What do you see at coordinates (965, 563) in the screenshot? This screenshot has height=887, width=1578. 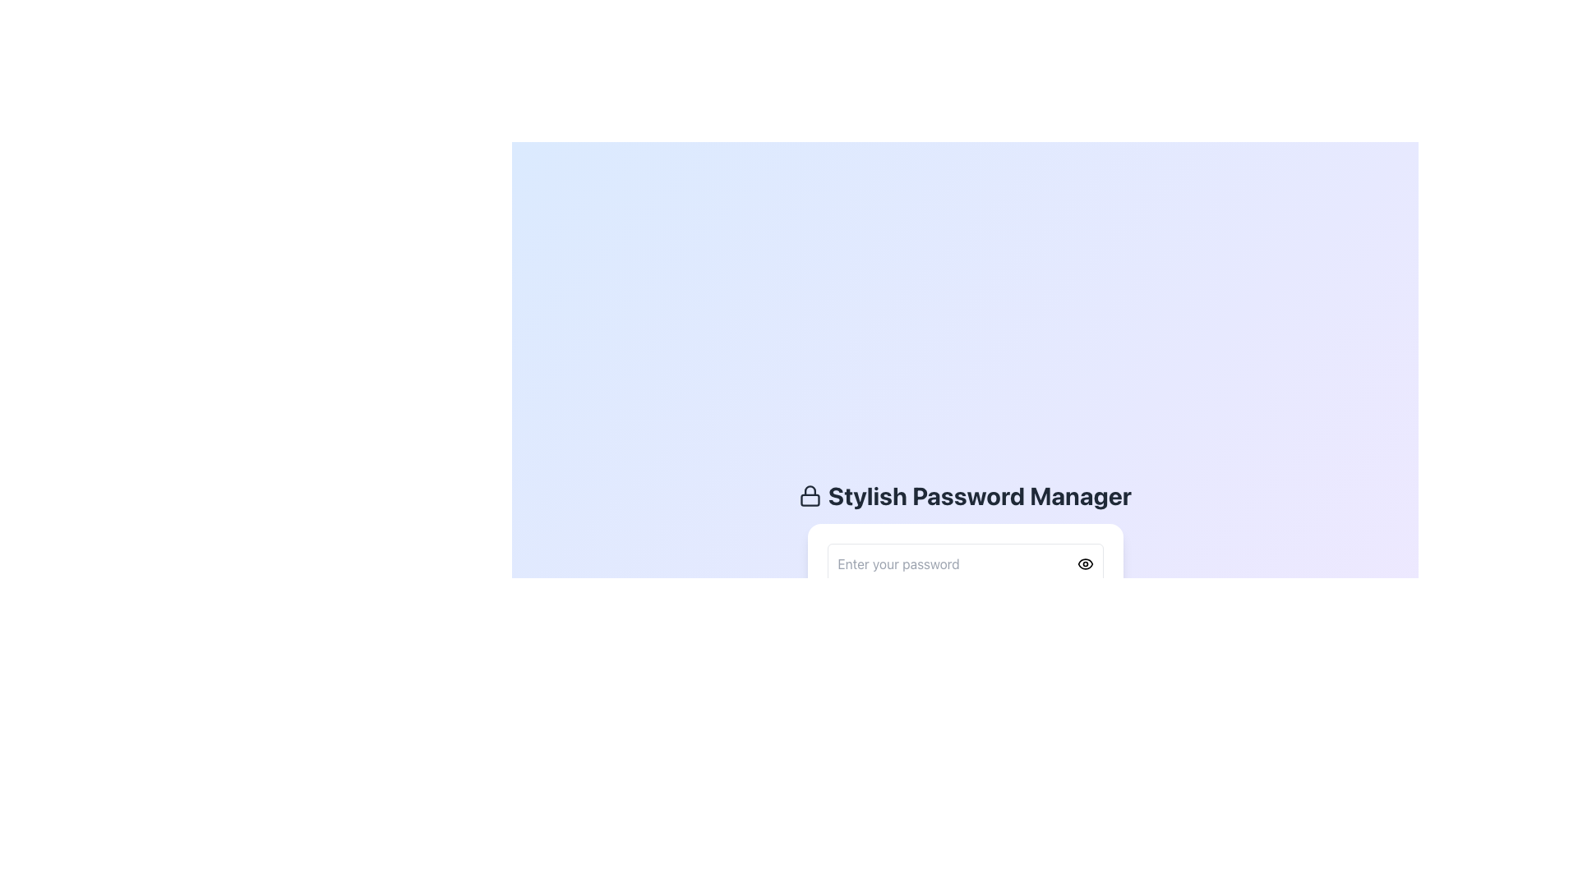 I see `the password input field with the prompt 'Enter your password' to focus on it` at bounding box center [965, 563].